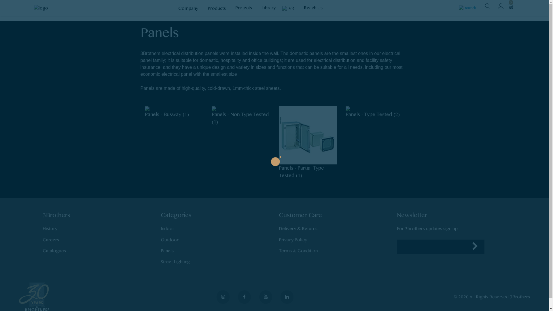 This screenshot has width=553, height=311. What do you see at coordinates (50, 228) in the screenshot?
I see `'History'` at bounding box center [50, 228].